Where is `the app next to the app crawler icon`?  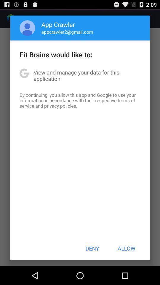 the app next to the app crawler icon is located at coordinates (27, 28).